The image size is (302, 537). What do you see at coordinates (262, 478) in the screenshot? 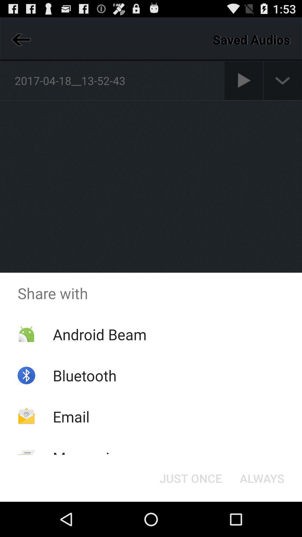
I see `button to the right of the just once button` at bounding box center [262, 478].